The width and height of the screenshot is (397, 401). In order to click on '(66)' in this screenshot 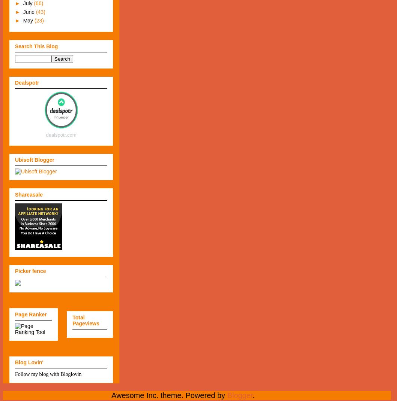, I will do `click(38, 3)`.